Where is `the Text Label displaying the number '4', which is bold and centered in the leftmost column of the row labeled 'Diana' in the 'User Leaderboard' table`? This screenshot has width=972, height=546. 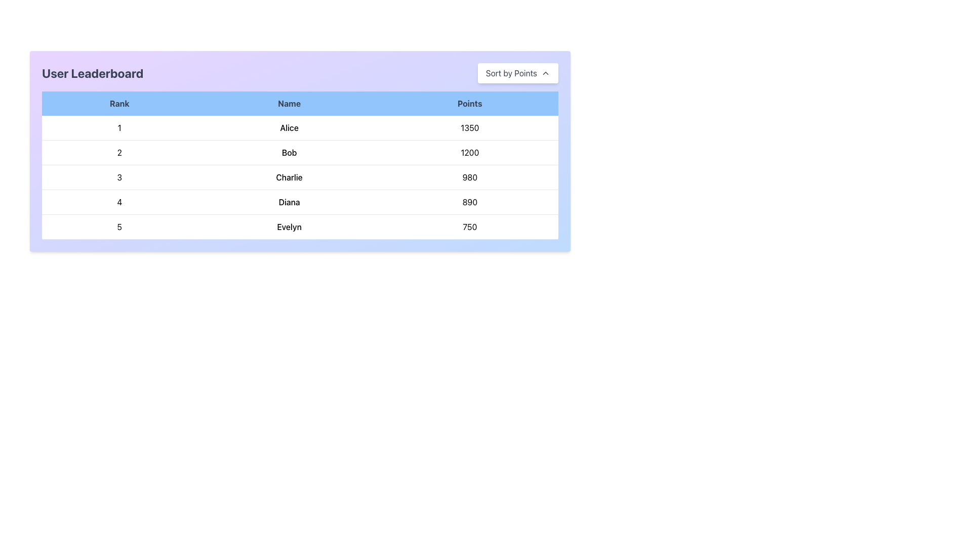 the Text Label displaying the number '4', which is bold and centered in the leftmost column of the row labeled 'Diana' in the 'User Leaderboard' table is located at coordinates (119, 202).